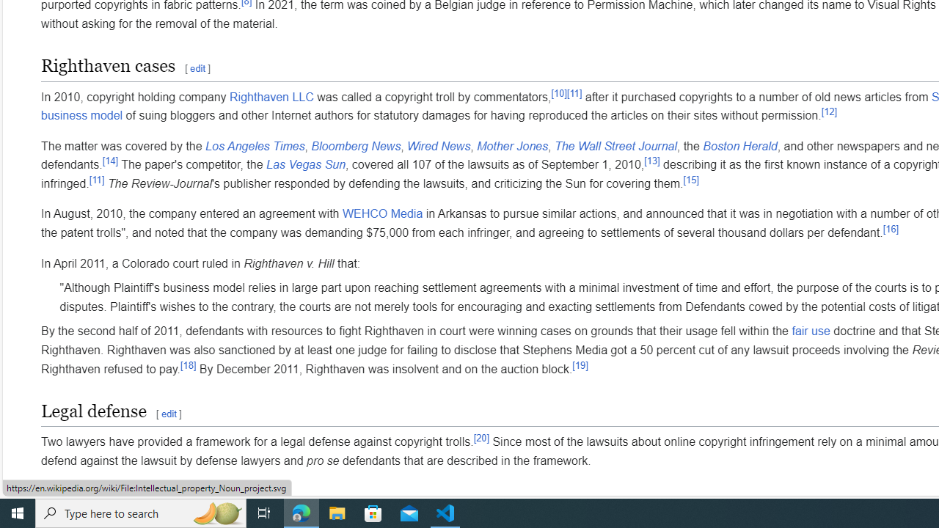 The height and width of the screenshot is (528, 939). Describe the element at coordinates (96, 178) in the screenshot. I see `'[11]'` at that location.